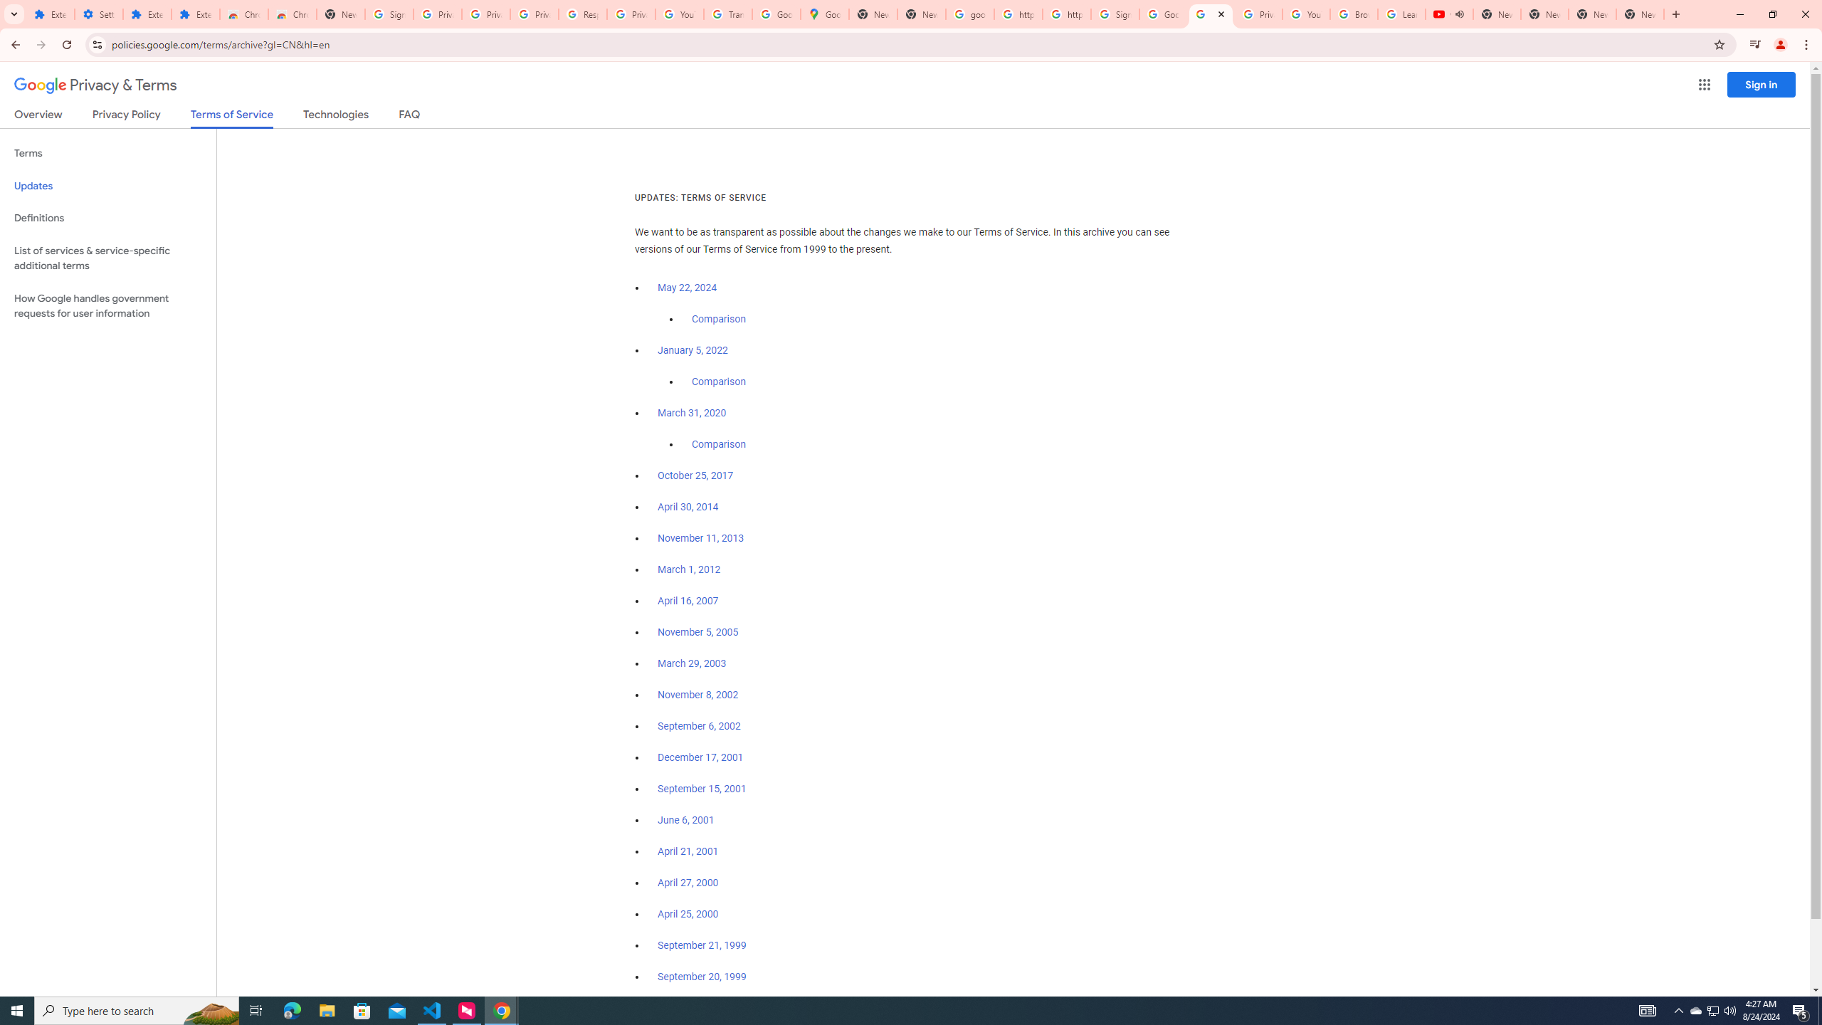  I want to click on 'YouTube', so click(1305, 14).